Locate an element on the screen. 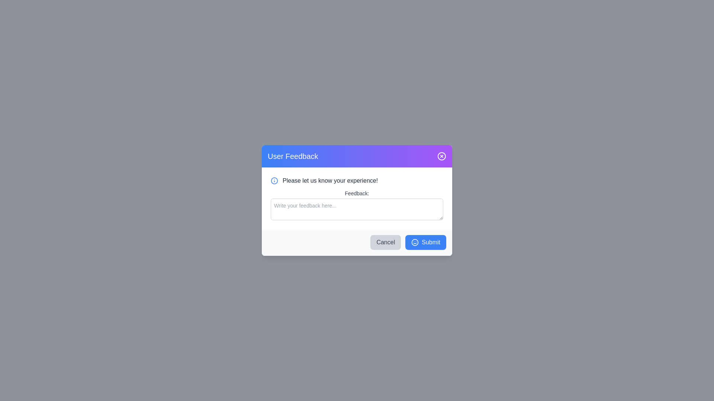  the SVG graphical element (circle) located is located at coordinates (274, 180).